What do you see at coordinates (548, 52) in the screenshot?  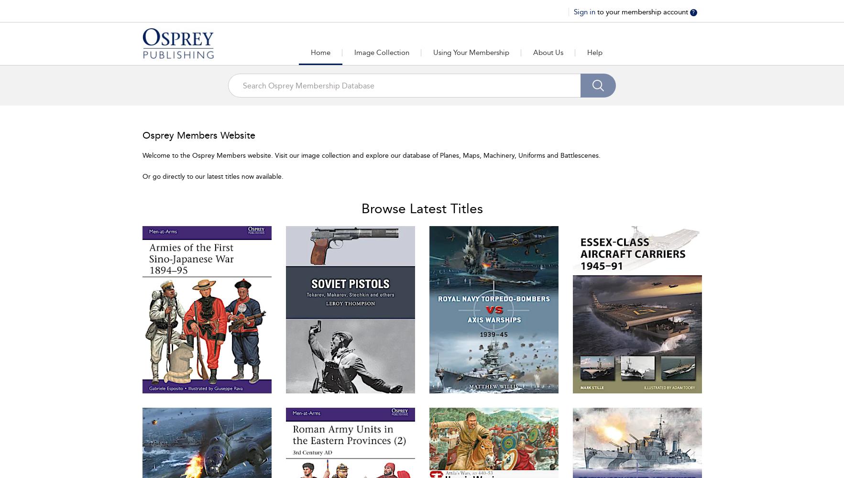 I see `'About Us'` at bounding box center [548, 52].